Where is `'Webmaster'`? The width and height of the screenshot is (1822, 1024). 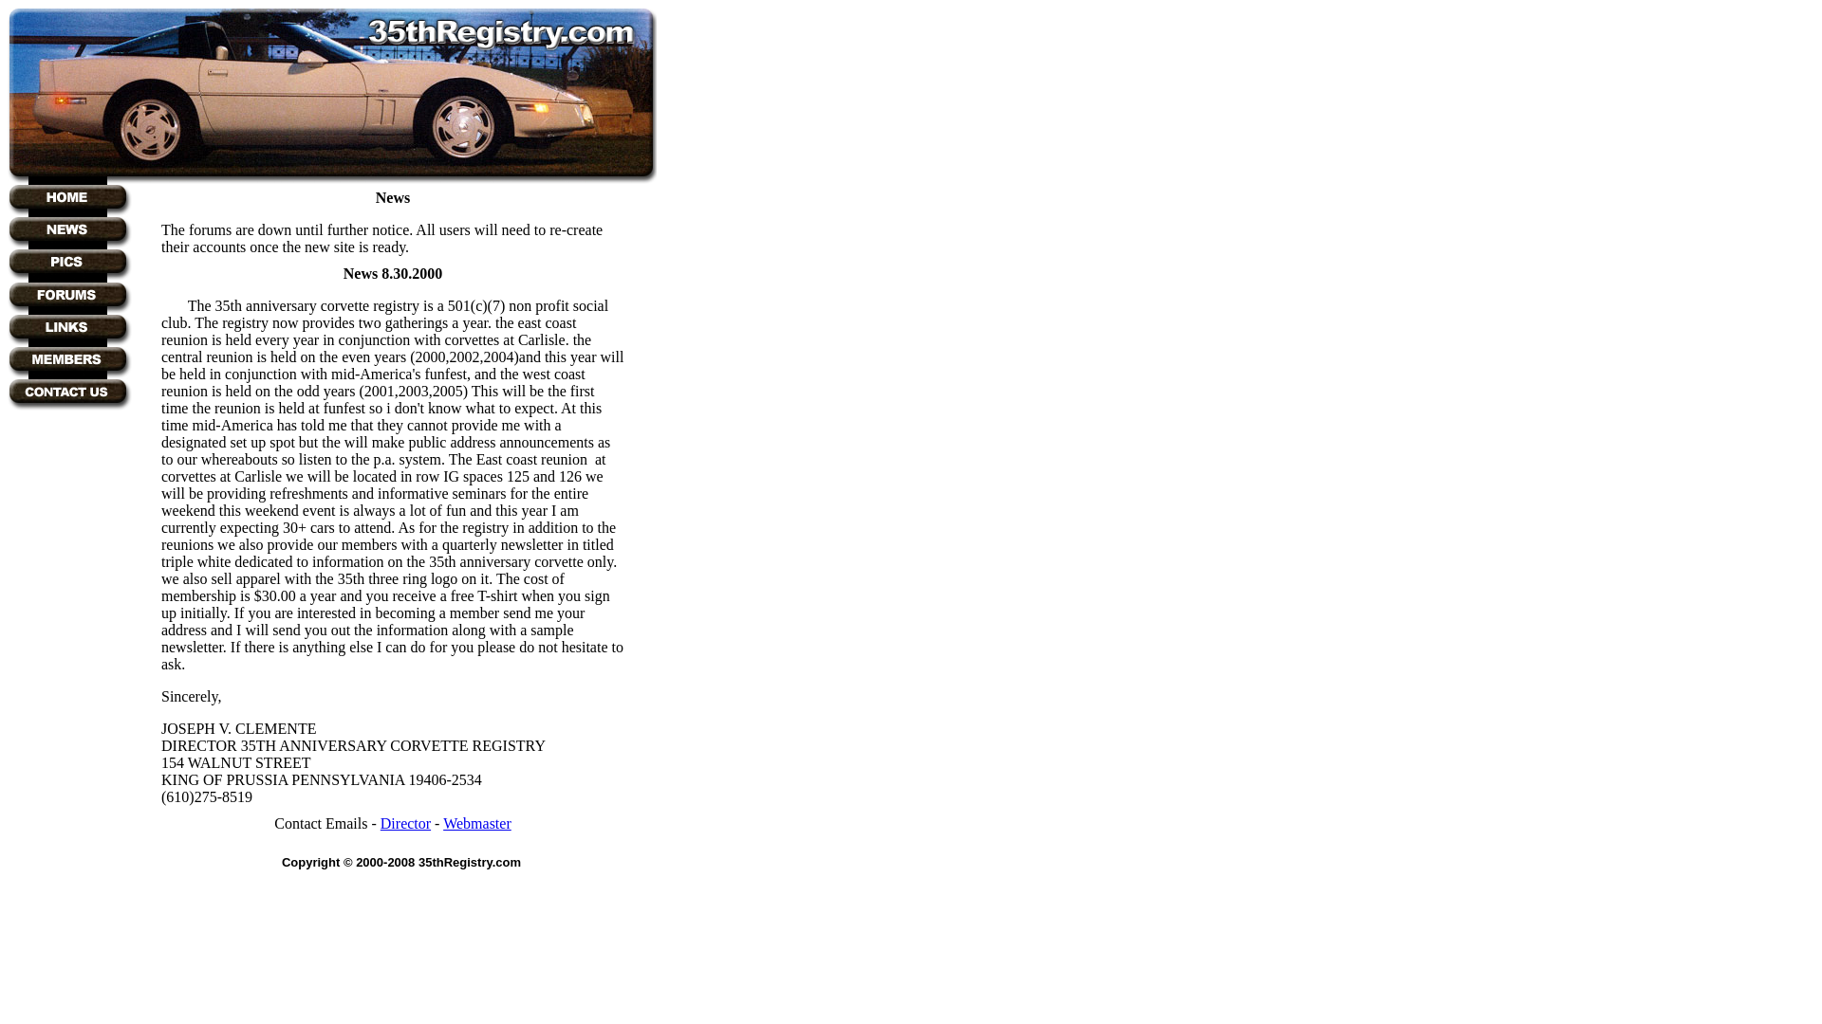 'Webmaster' is located at coordinates (477, 822).